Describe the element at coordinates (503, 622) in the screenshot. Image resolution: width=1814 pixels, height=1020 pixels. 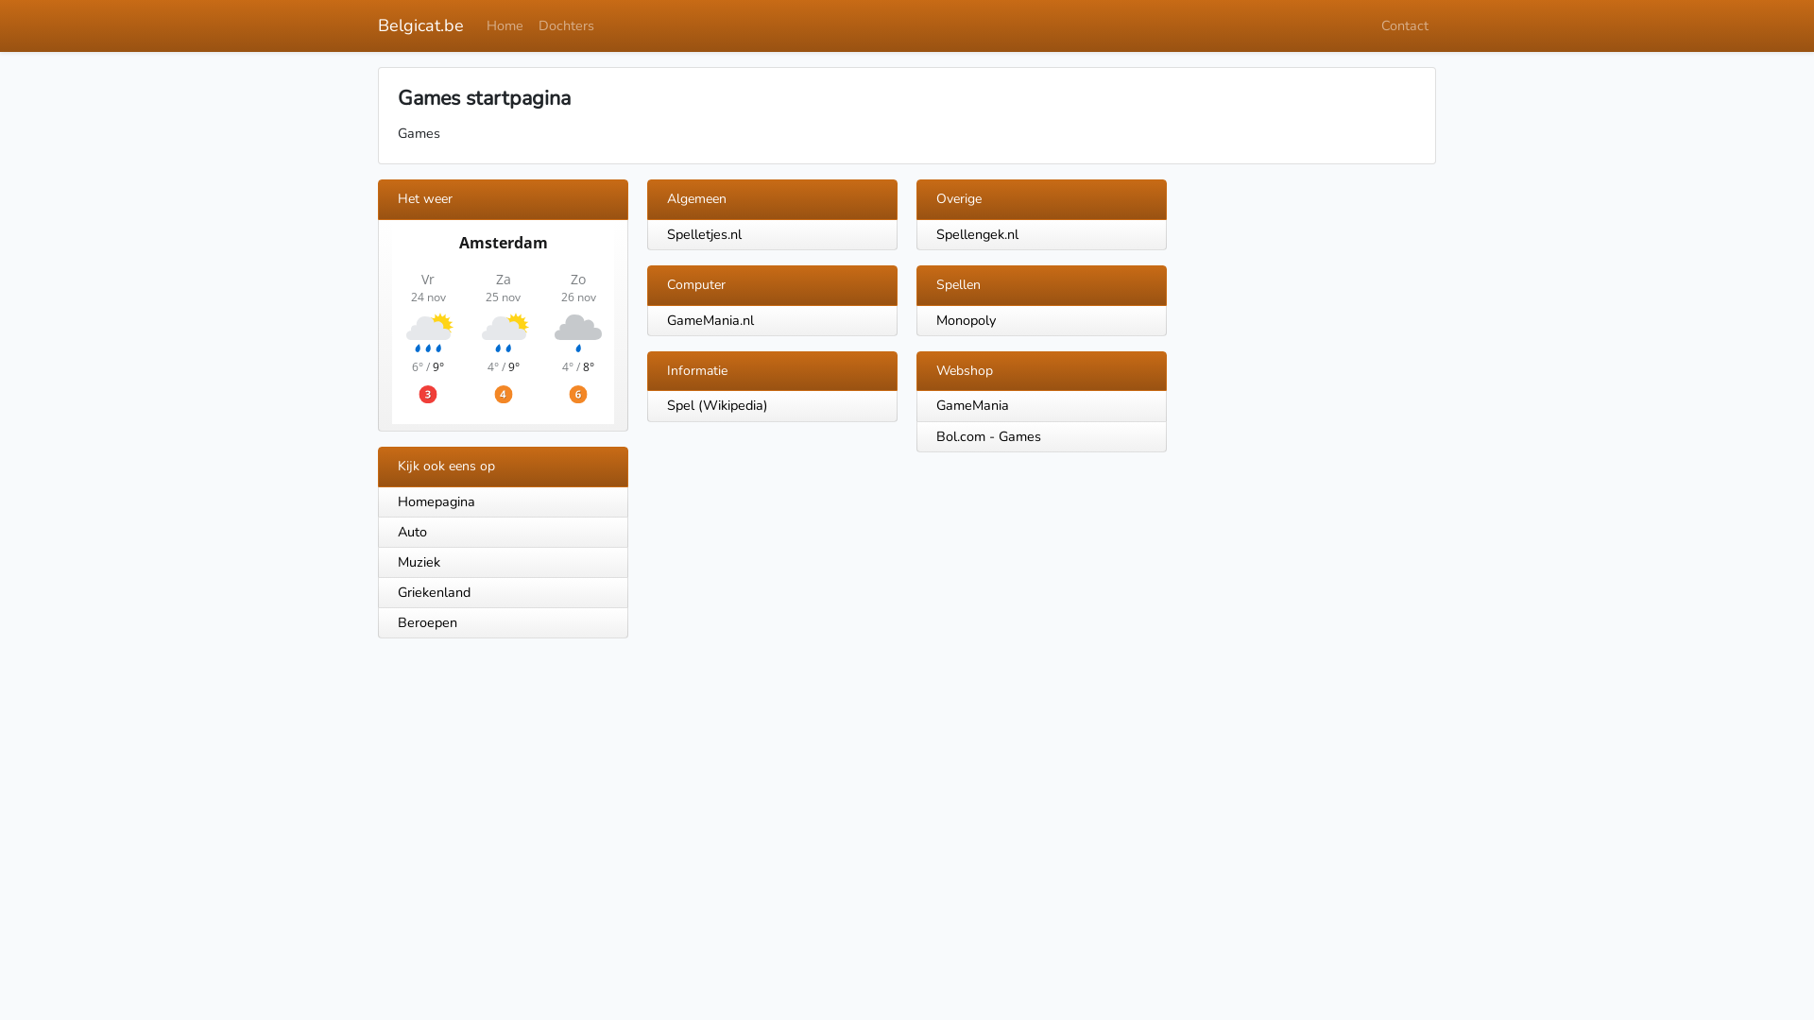
I see `'Beroepen'` at that location.